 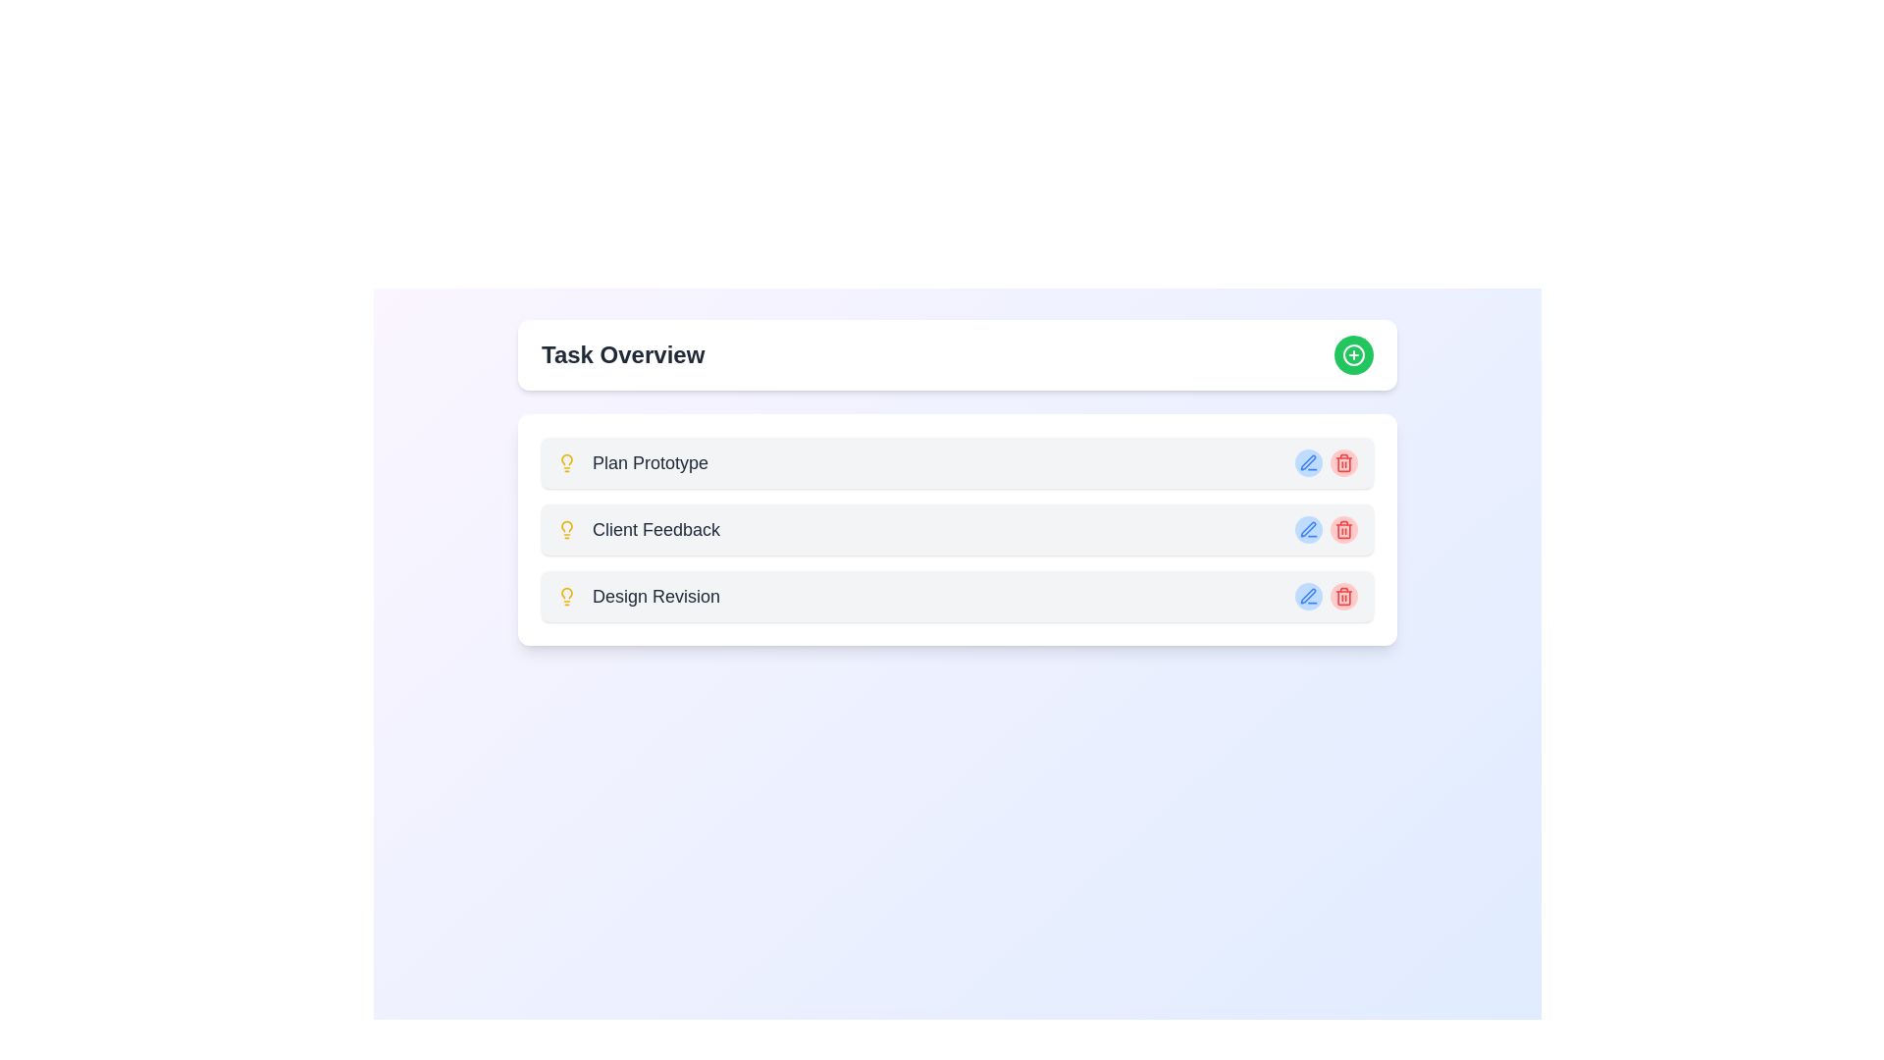 I want to click on the 'Edit' icon button located in the second task row named 'Client Feedback', which is the second button from the right in a set of two interactive buttons, so click(x=1309, y=530).